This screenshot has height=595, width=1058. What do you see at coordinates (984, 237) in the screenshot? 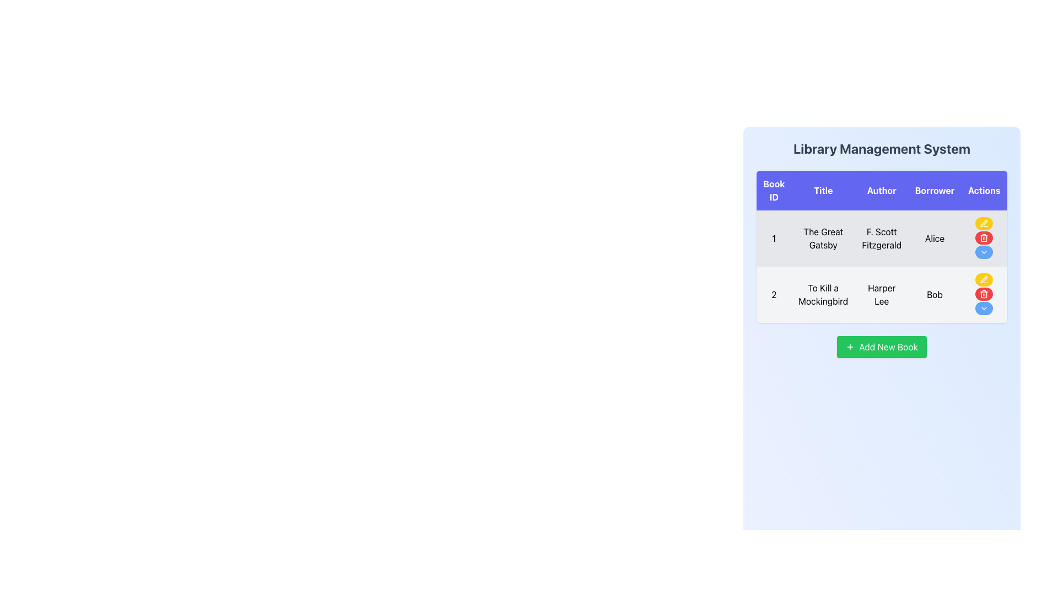
I see `the delete button located in the 'Actions' column of the first row in the 'Library Management System' interface` at bounding box center [984, 237].